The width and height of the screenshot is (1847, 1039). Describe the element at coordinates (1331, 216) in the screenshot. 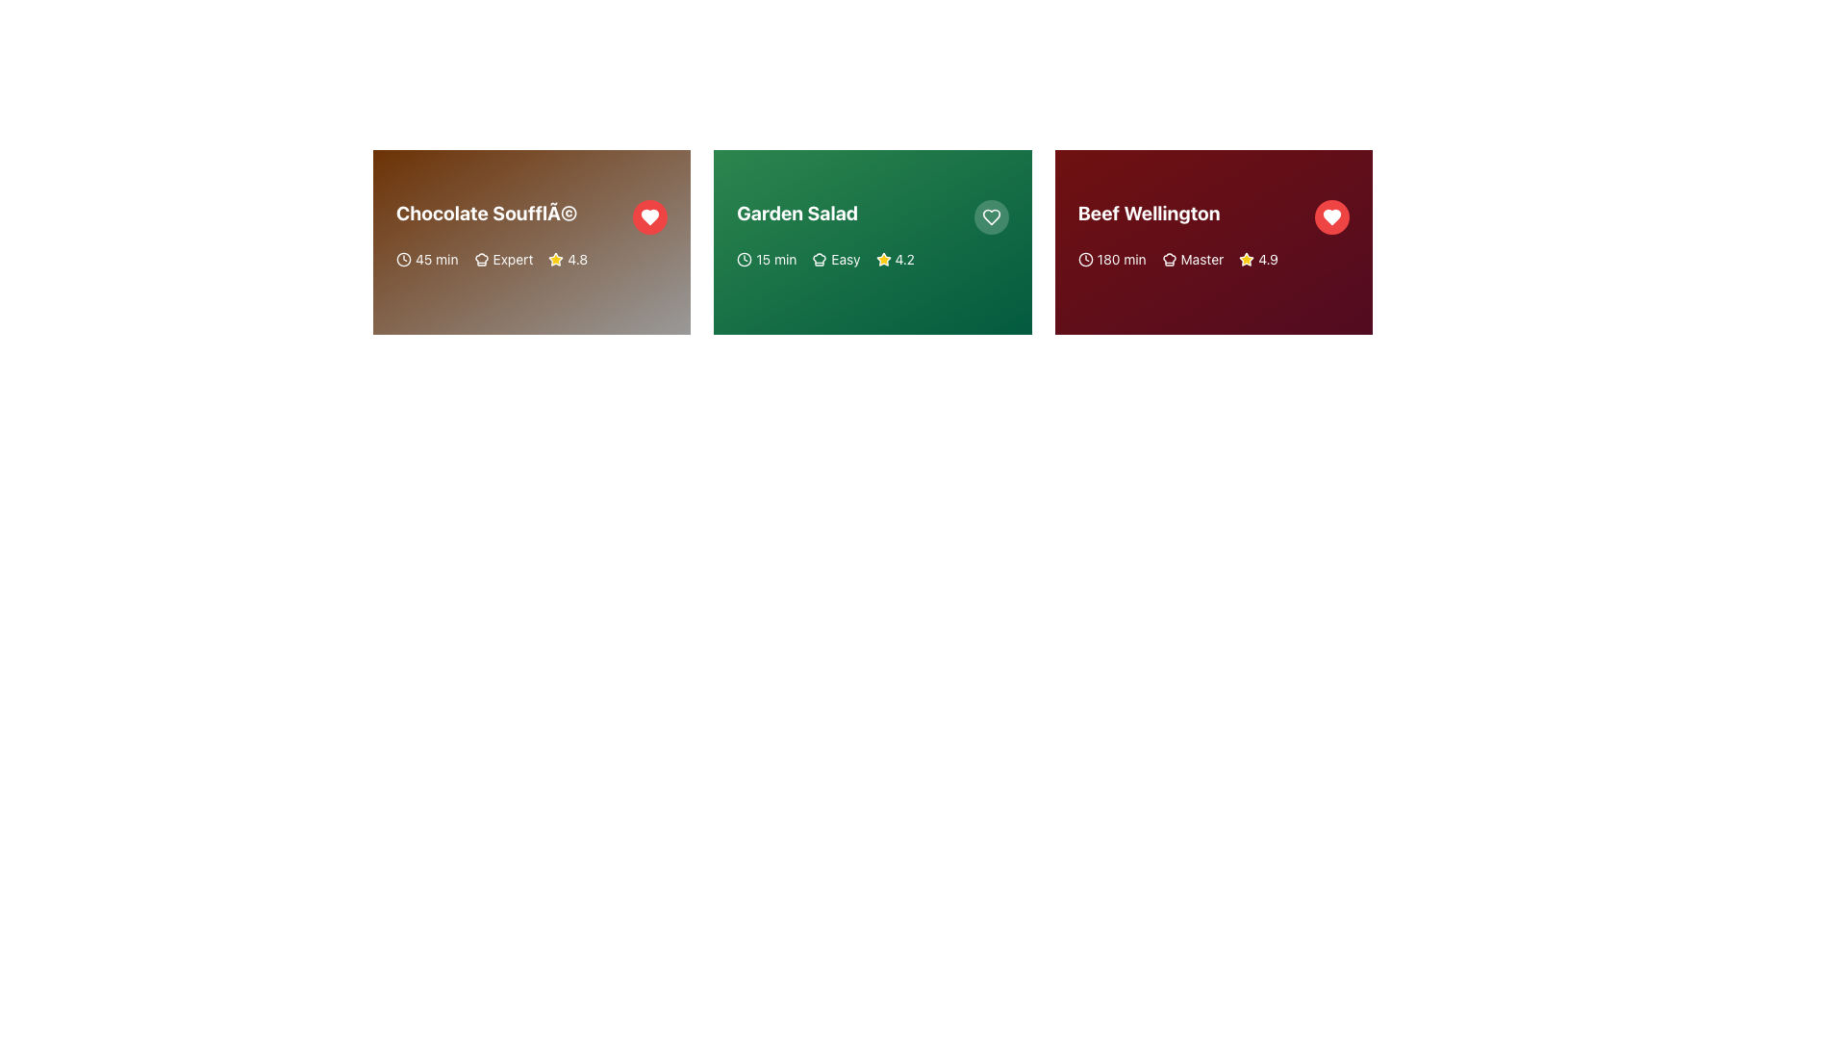

I see `the heart icon in the top-right corner of the 'Beef Wellington' recipe card to mark it as favorite` at that location.